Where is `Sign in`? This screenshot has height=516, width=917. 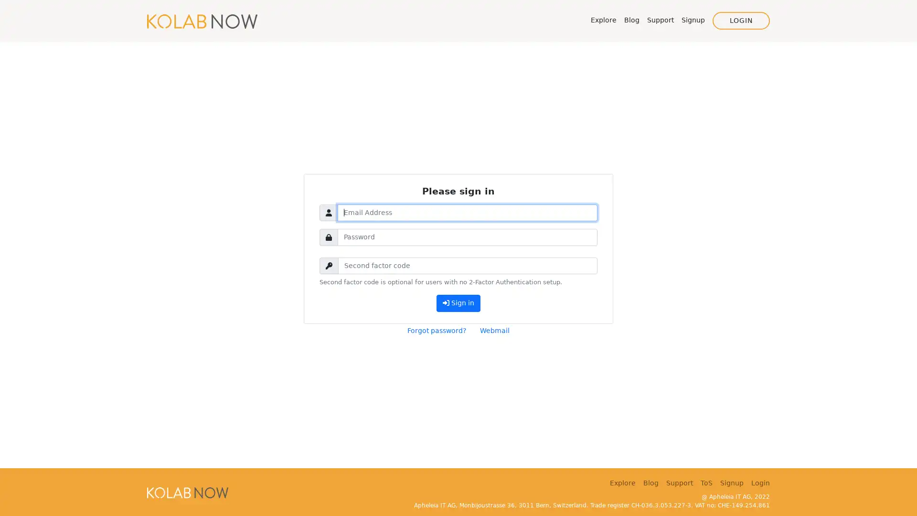
Sign in is located at coordinates (458, 303).